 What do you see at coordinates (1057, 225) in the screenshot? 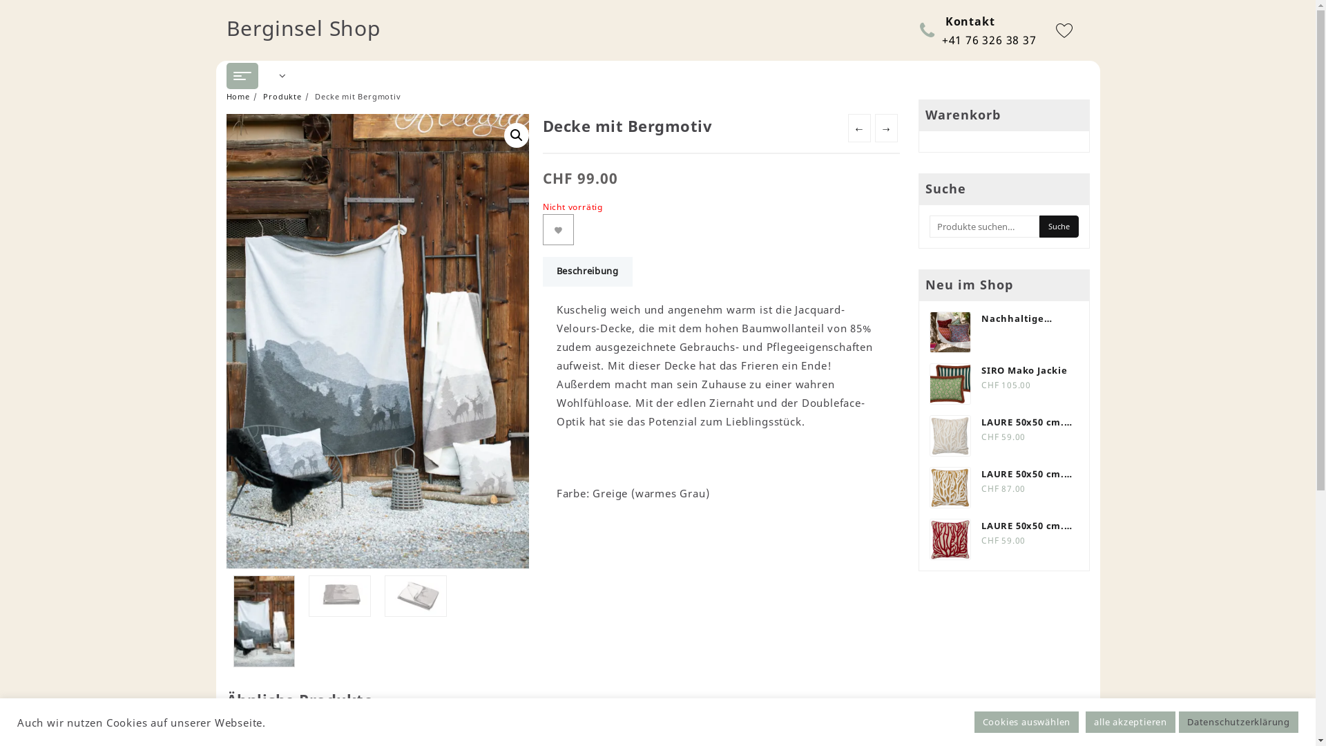
I see `'Suche'` at bounding box center [1057, 225].